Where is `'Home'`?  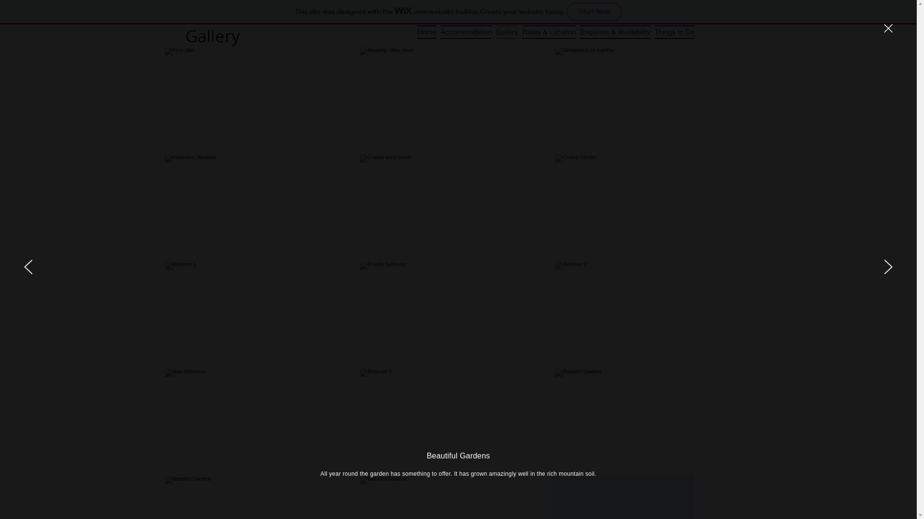 'Home' is located at coordinates (426, 31).